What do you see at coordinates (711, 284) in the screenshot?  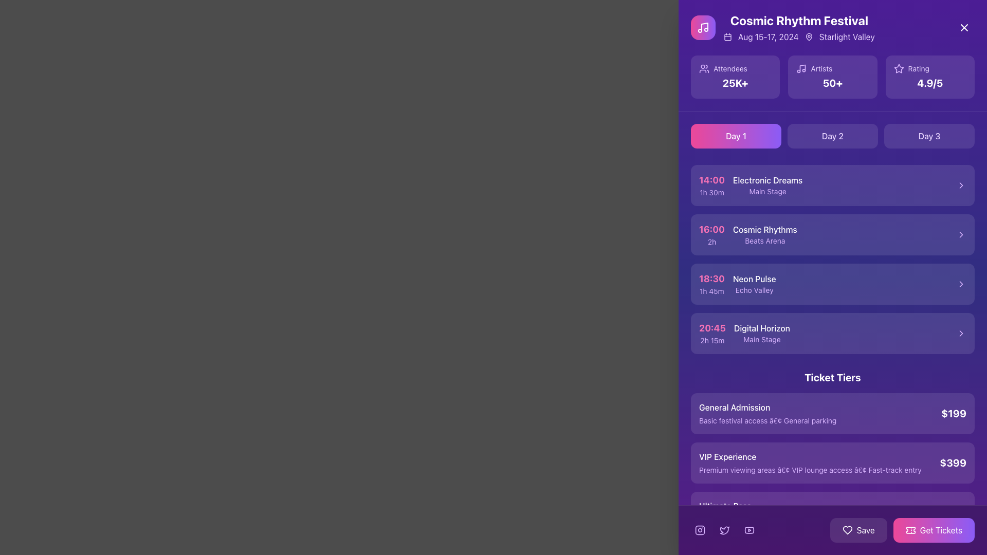 I see `time and duration information from the Time display label, which shows '18:30' in bold pink font and '1h 45m' in smaller purple font, located in the right panel of the UI` at bounding box center [711, 284].